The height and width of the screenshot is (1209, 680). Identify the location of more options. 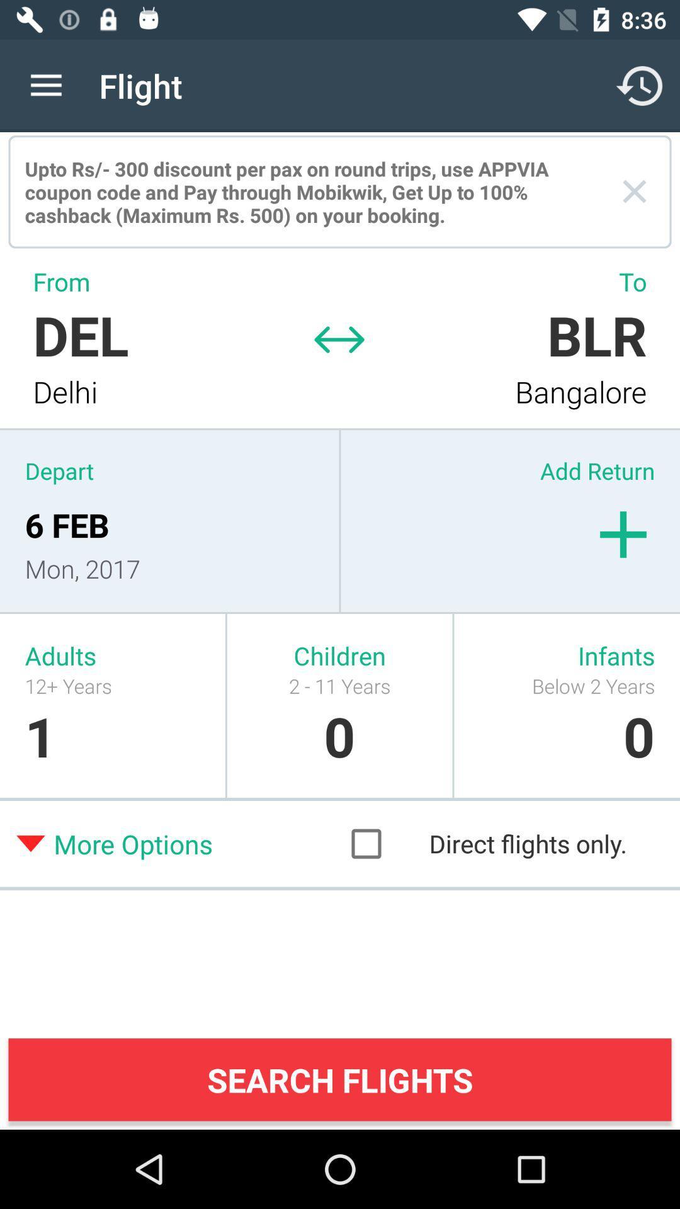
(178, 843).